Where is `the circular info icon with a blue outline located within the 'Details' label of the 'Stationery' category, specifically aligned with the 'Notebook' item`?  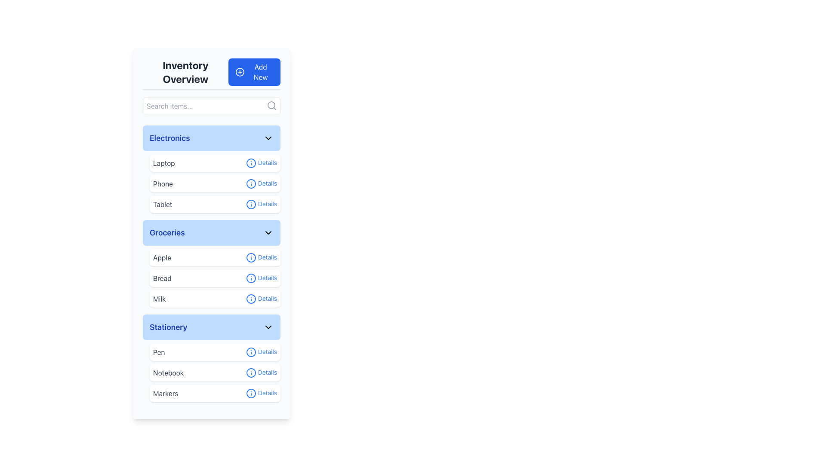 the circular info icon with a blue outline located within the 'Details' label of the 'Stationery' category, specifically aligned with the 'Notebook' item is located at coordinates (250, 372).